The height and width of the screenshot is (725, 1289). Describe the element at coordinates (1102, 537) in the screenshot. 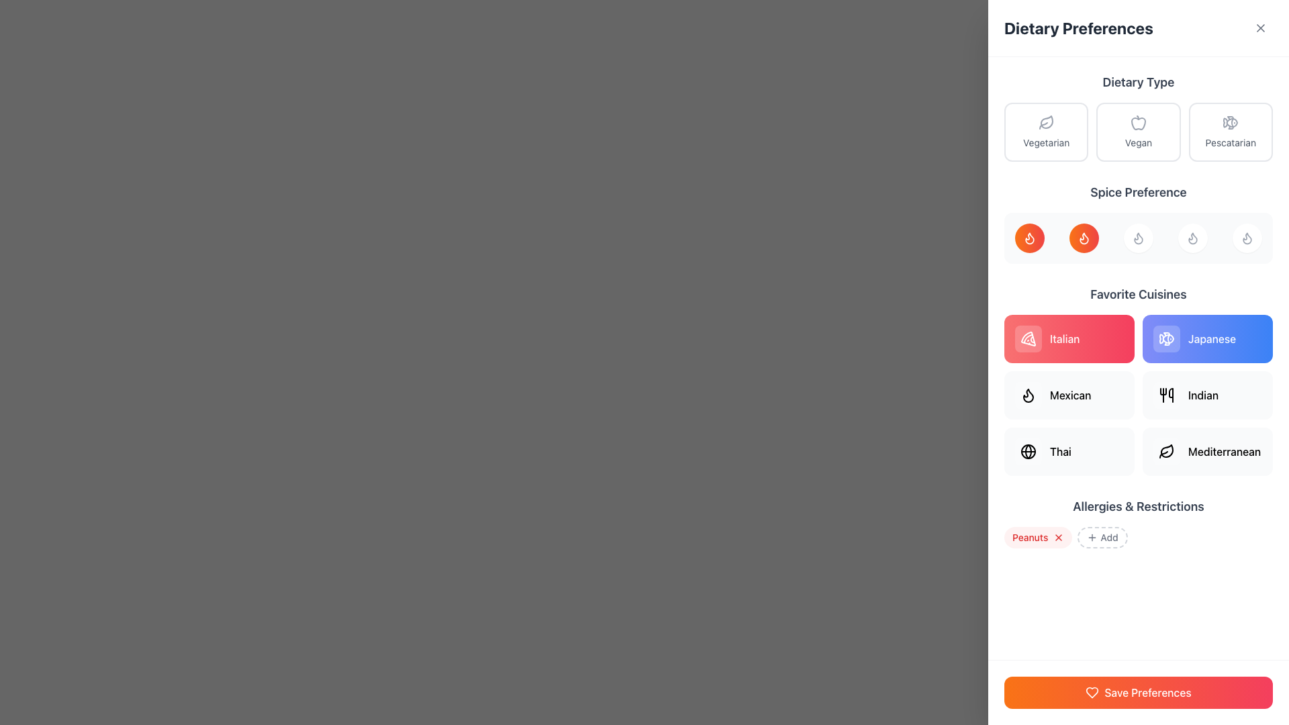

I see `the '+ Add' button in the 'Allergies & Restrictions' section` at that location.